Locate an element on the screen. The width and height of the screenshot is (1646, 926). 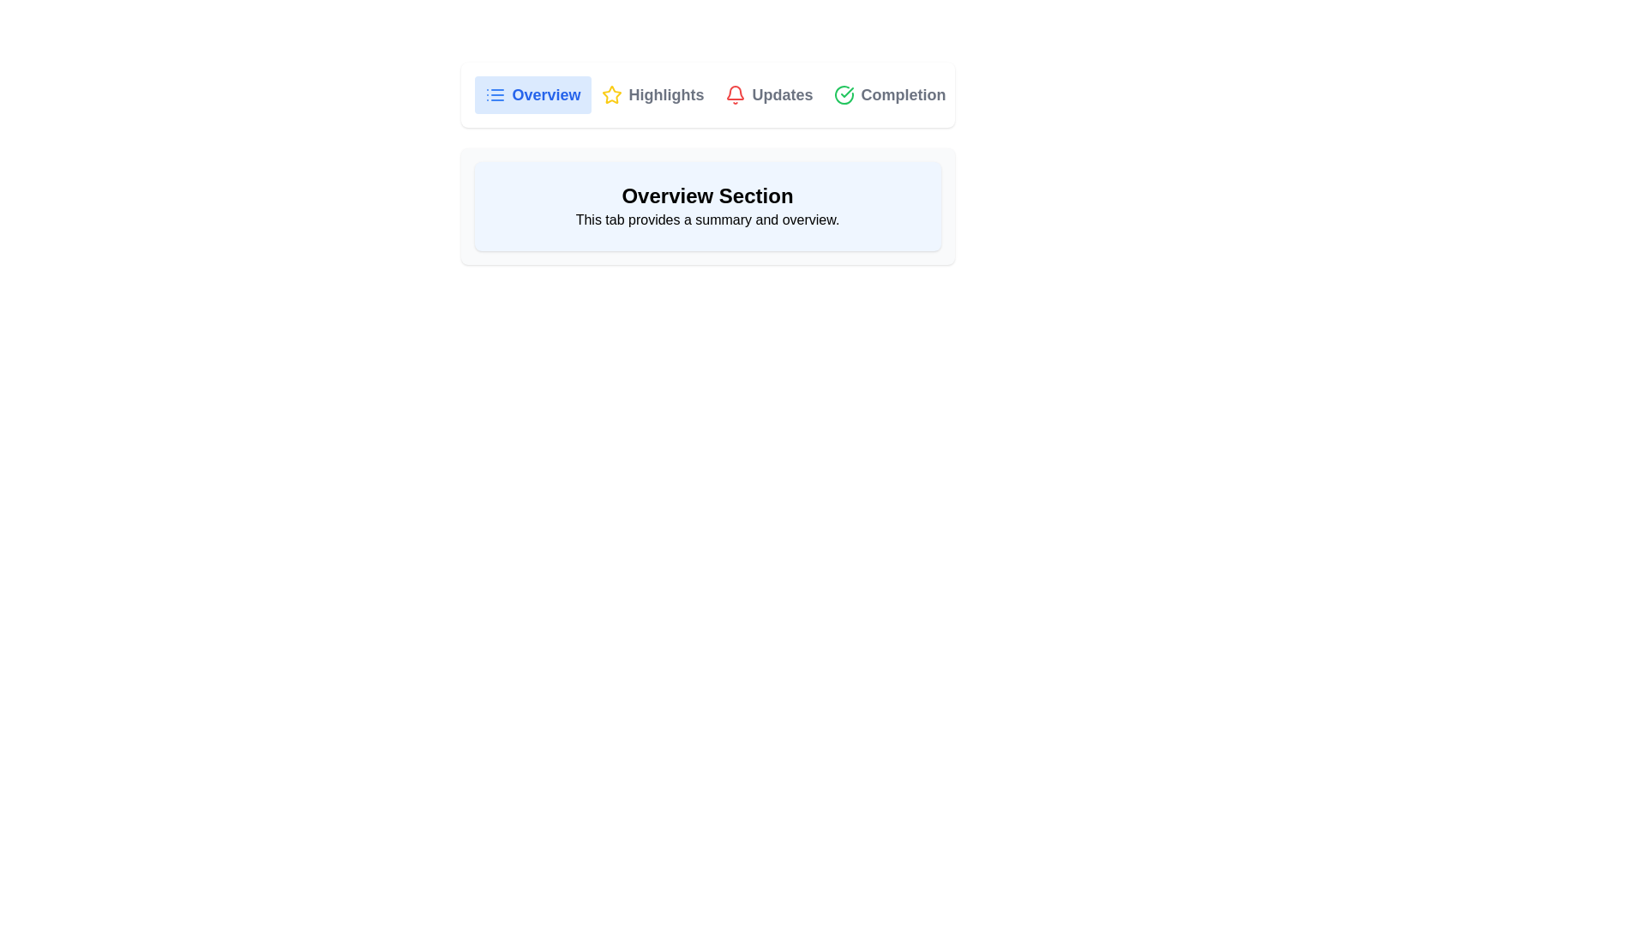
the static text label providing a descriptive summary of the 'Overview' section, which is located directly below the 'Overview Section' bold text in a light blue rounded rectangular box is located at coordinates (707, 219).